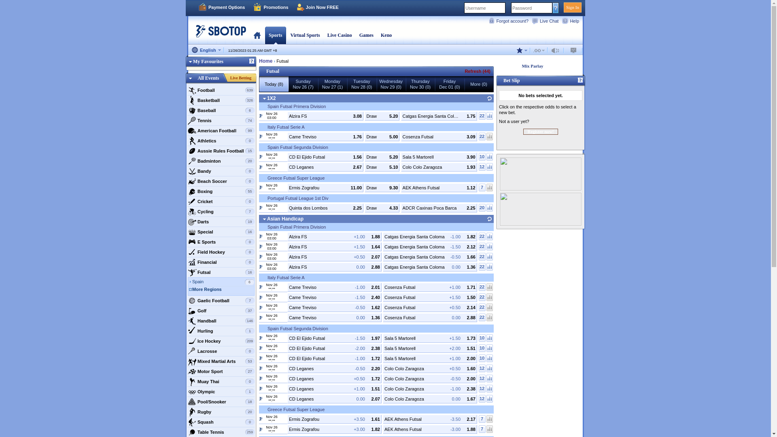  What do you see at coordinates (221, 391) in the screenshot?
I see `'Olympic` at bounding box center [221, 391].